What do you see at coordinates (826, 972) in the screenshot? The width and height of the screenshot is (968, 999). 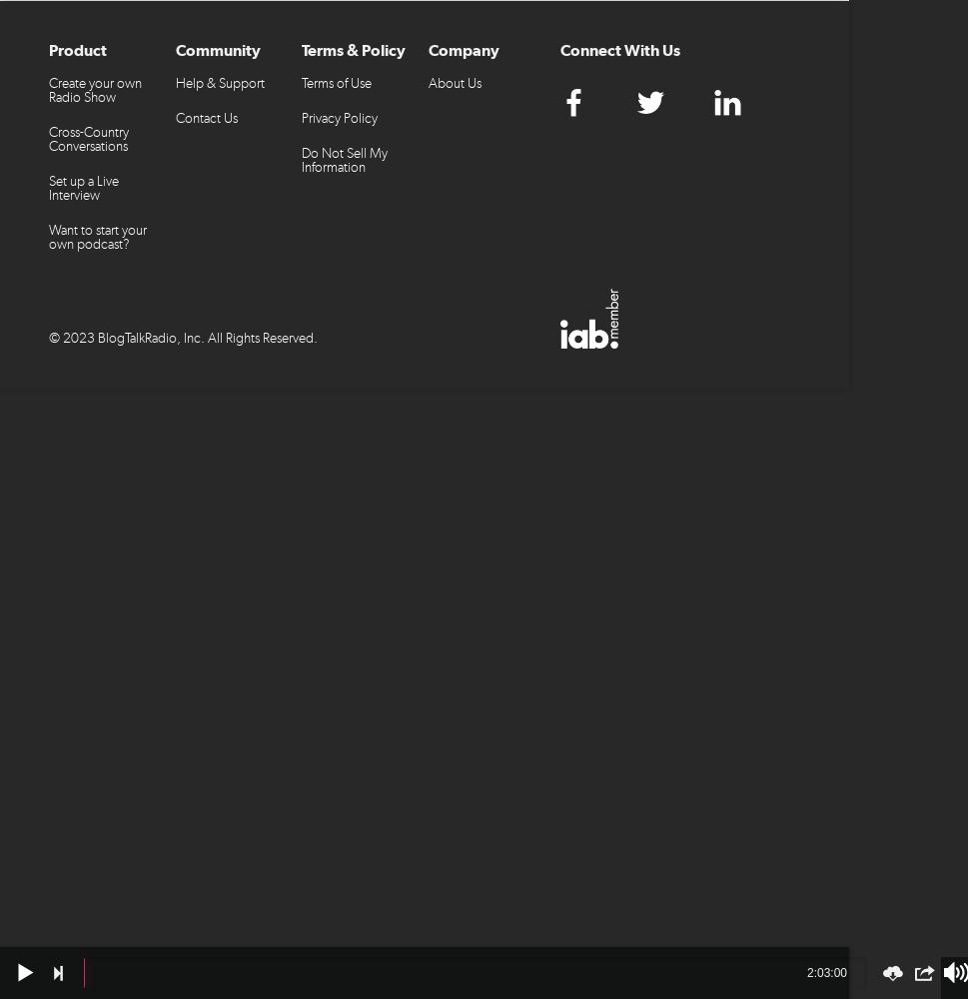 I see `'2:03:00'` at bounding box center [826, 972].